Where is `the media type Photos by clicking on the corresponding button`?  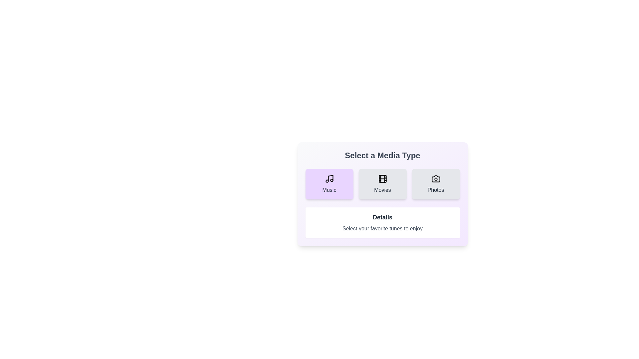 the media type Photos by clicking on the corresponding button is located at coordinates (436, 184).